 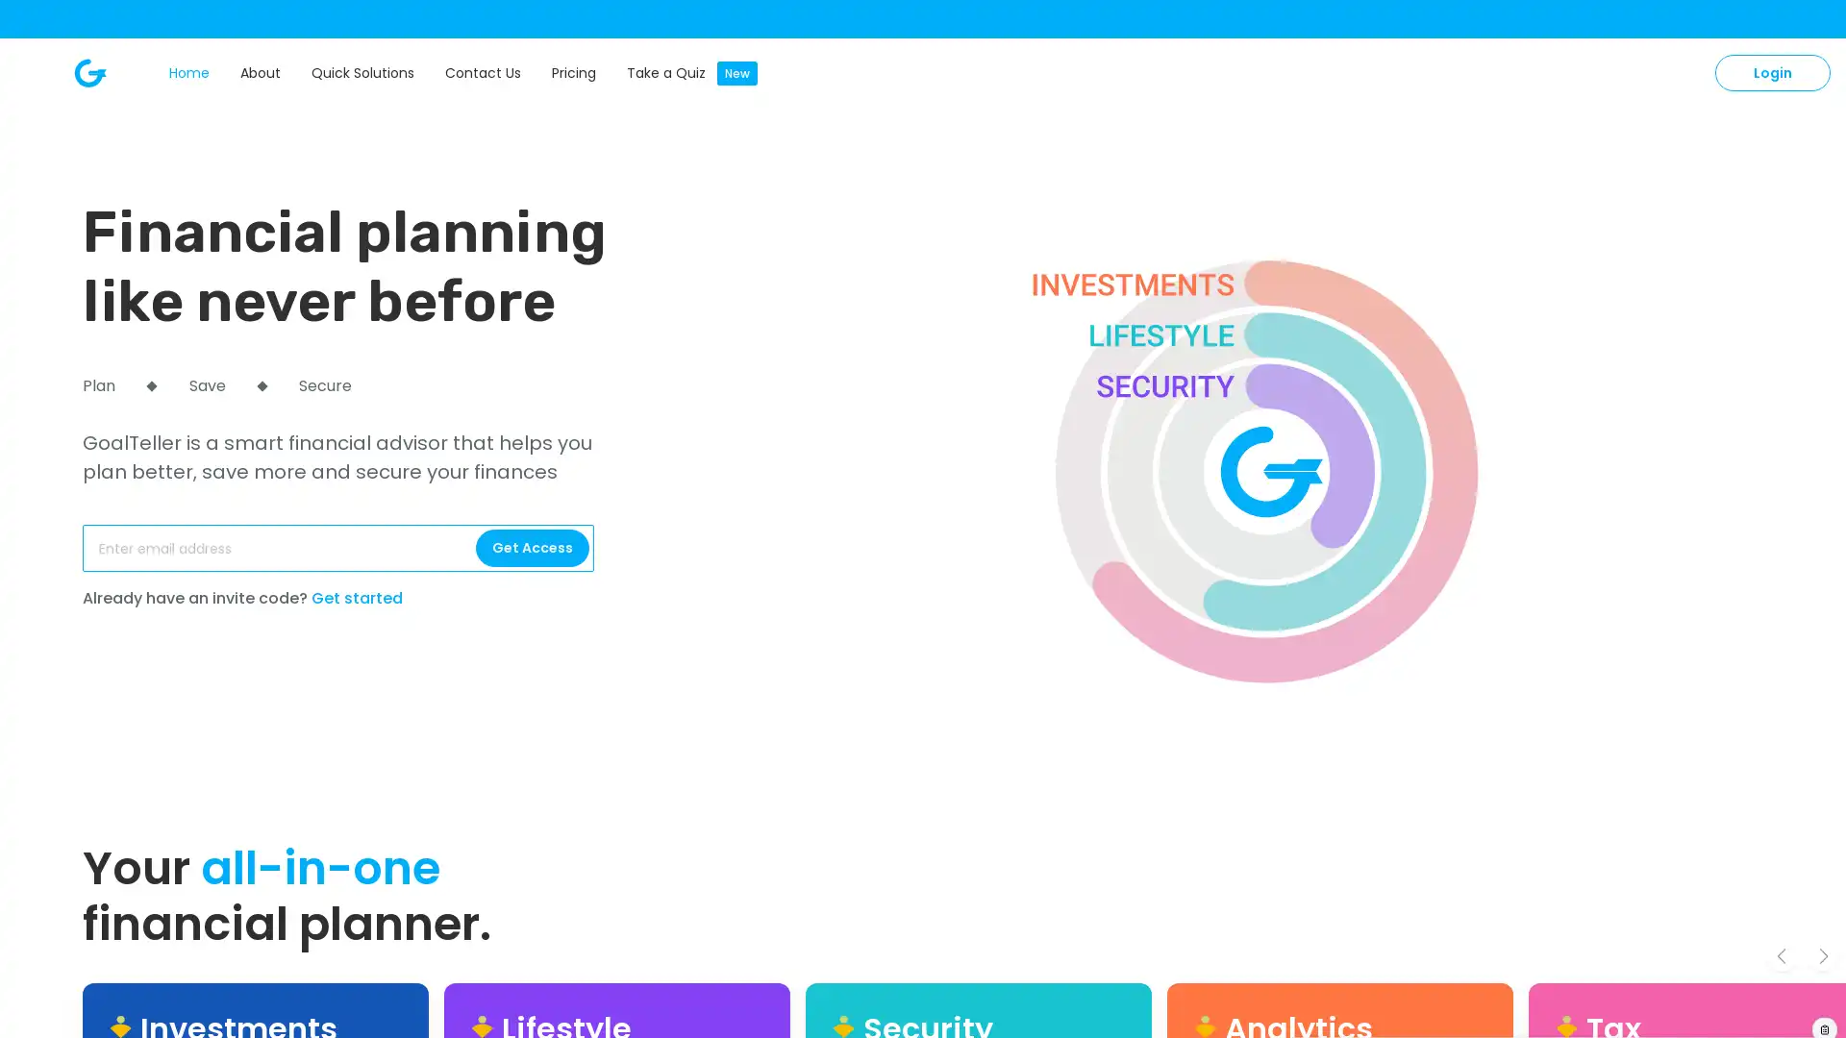 I want to click on Get Access, so click(x=532, y=548).